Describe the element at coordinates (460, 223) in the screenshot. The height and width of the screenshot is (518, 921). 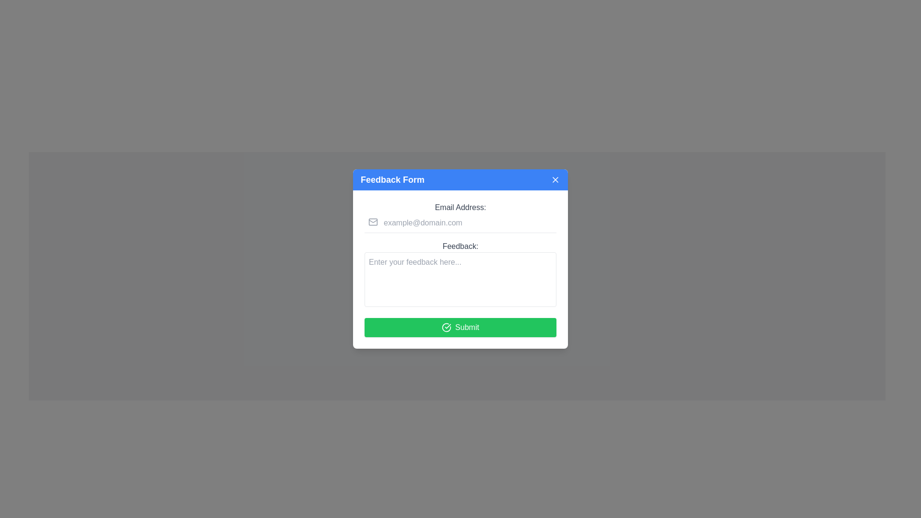
I see `the email input field located within the 'Feedback Form' modal` at that location.